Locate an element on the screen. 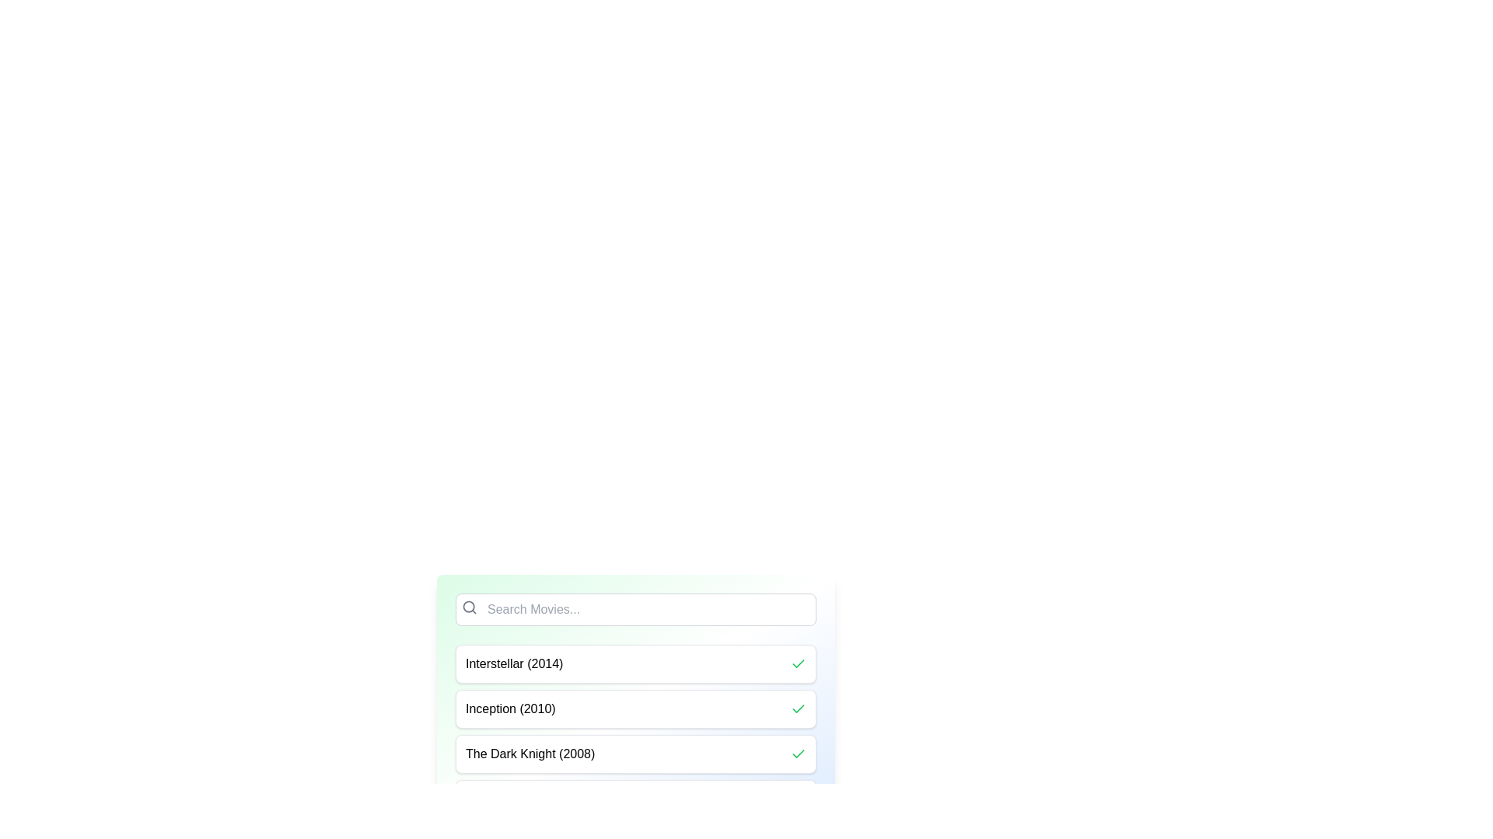 This screenshot has width=1493, height=839. the text label displaying 'Inception (2010)' is located at coordinates (510, 709).